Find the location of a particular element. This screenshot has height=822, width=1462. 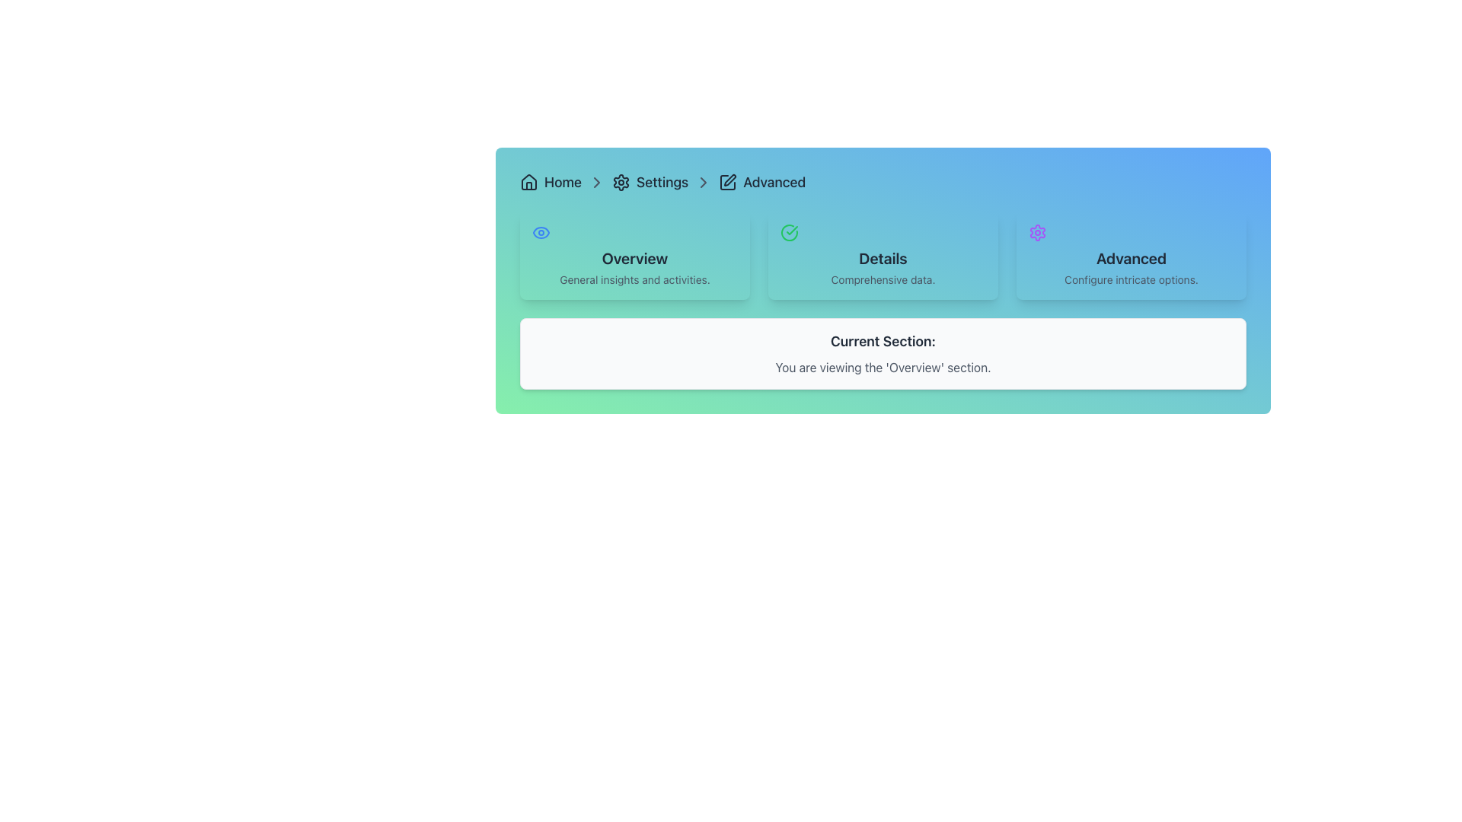

the right-facing chevron icon (Indicator) located in the breadcrumb navigation bar between the 'Home' and 'Settings' labels is located at coordinates (595, 181).